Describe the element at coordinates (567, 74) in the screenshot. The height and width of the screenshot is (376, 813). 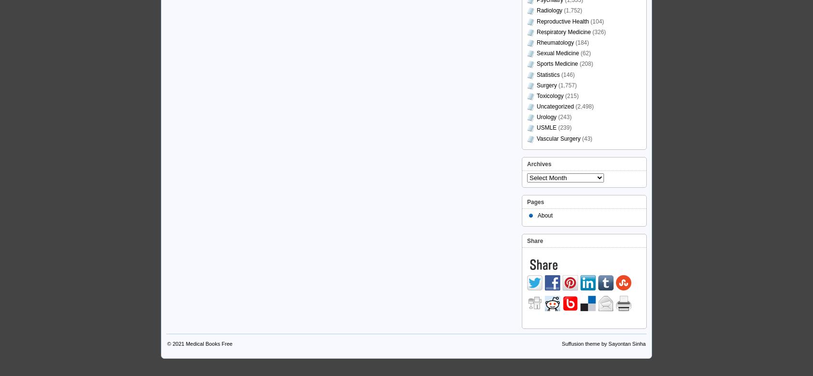
I see `'(146)'` at that location.